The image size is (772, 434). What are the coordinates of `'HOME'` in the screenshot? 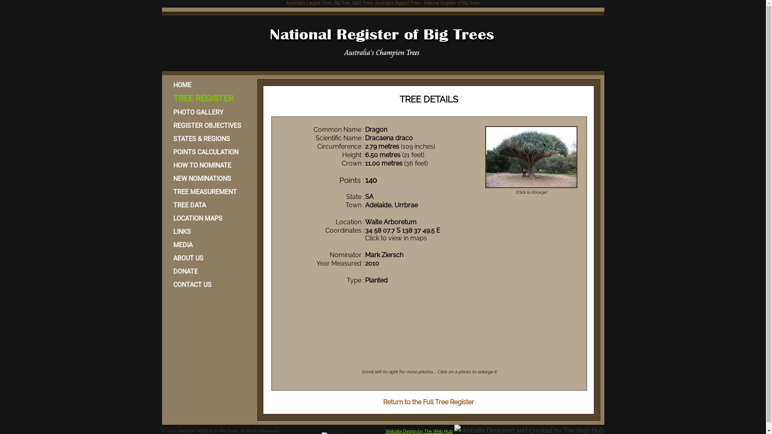 It's located at (208, 85).